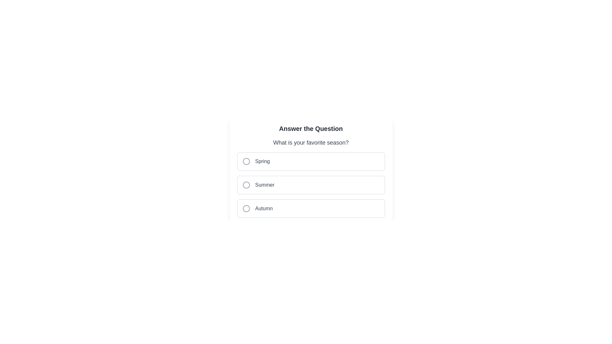 This screenshot has height=344, width=612. What do you see at coordinates (246, 232) in the screenshot?
I see `the SVG circle element, which serves as a decorative graphic located below the question-answer section related to seasons` at bounding box center [246, 232].